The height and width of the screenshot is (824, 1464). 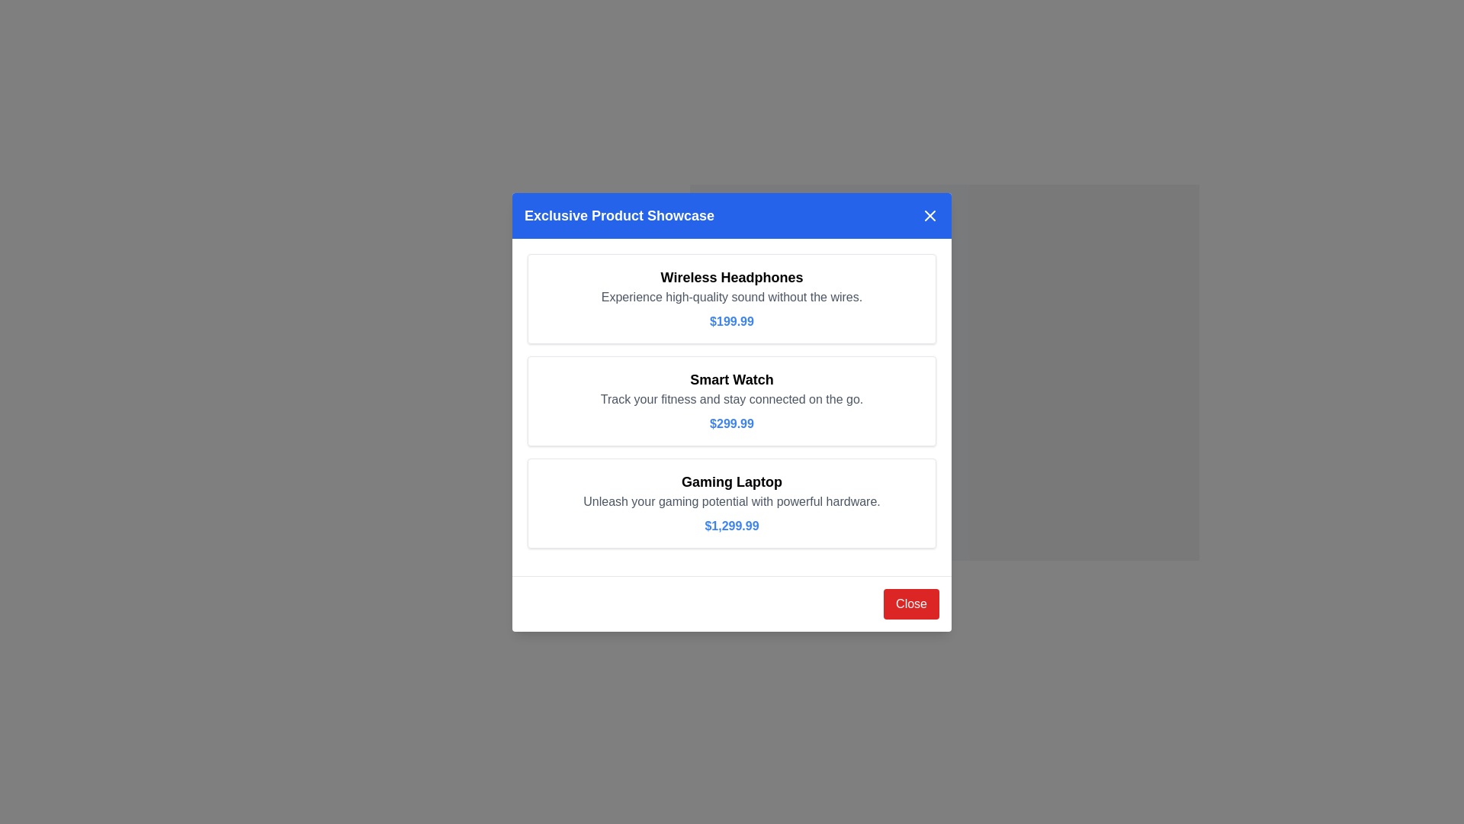 What do you see at coordinates (732, 501) in the screenshot?
I see `text element that reads 'Unleash your gaming potential with powerful hardware.', styled with a gray font color, located below the title 'Gaming Laptop' and above the price information` at bounding box center [732, 501].